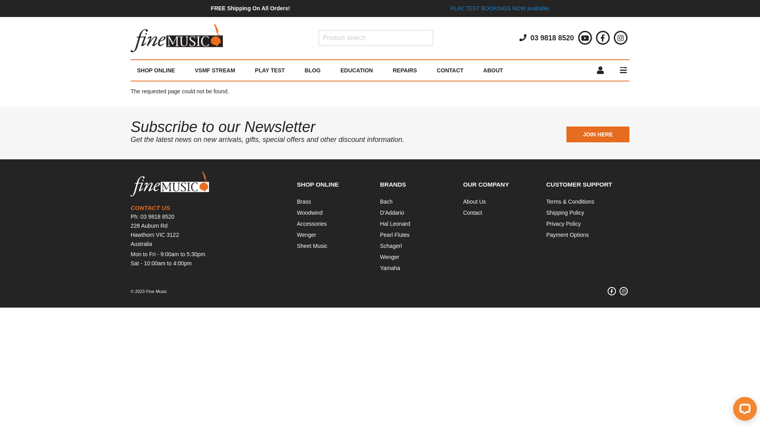 The width and height of the screenshot is (760, 427). What do you see at coordinates (356, 70) in the screenshot?
I see `'EDUCATION'` at bounding box center [356, 70].